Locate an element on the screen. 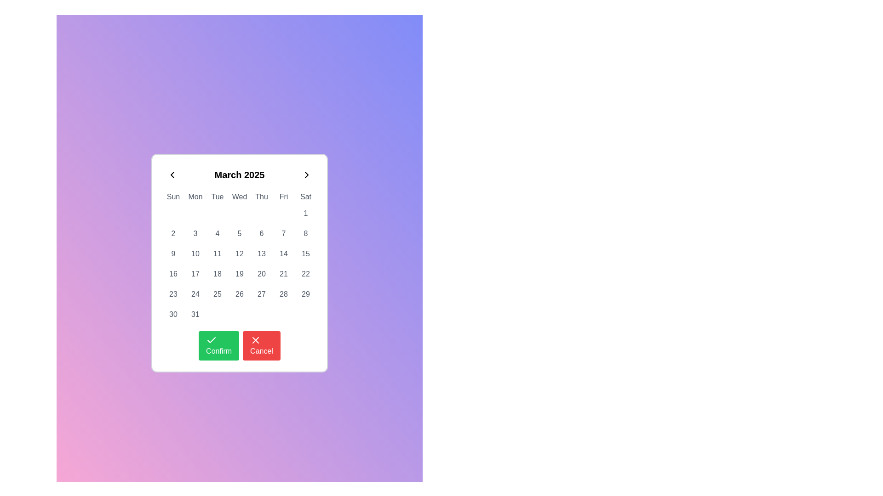  the rectangular tile button displaying '22' in medium gray font, located in the last column of the fourth row of the calendar grid under 'Sat' is located at coordinates (306, 274).